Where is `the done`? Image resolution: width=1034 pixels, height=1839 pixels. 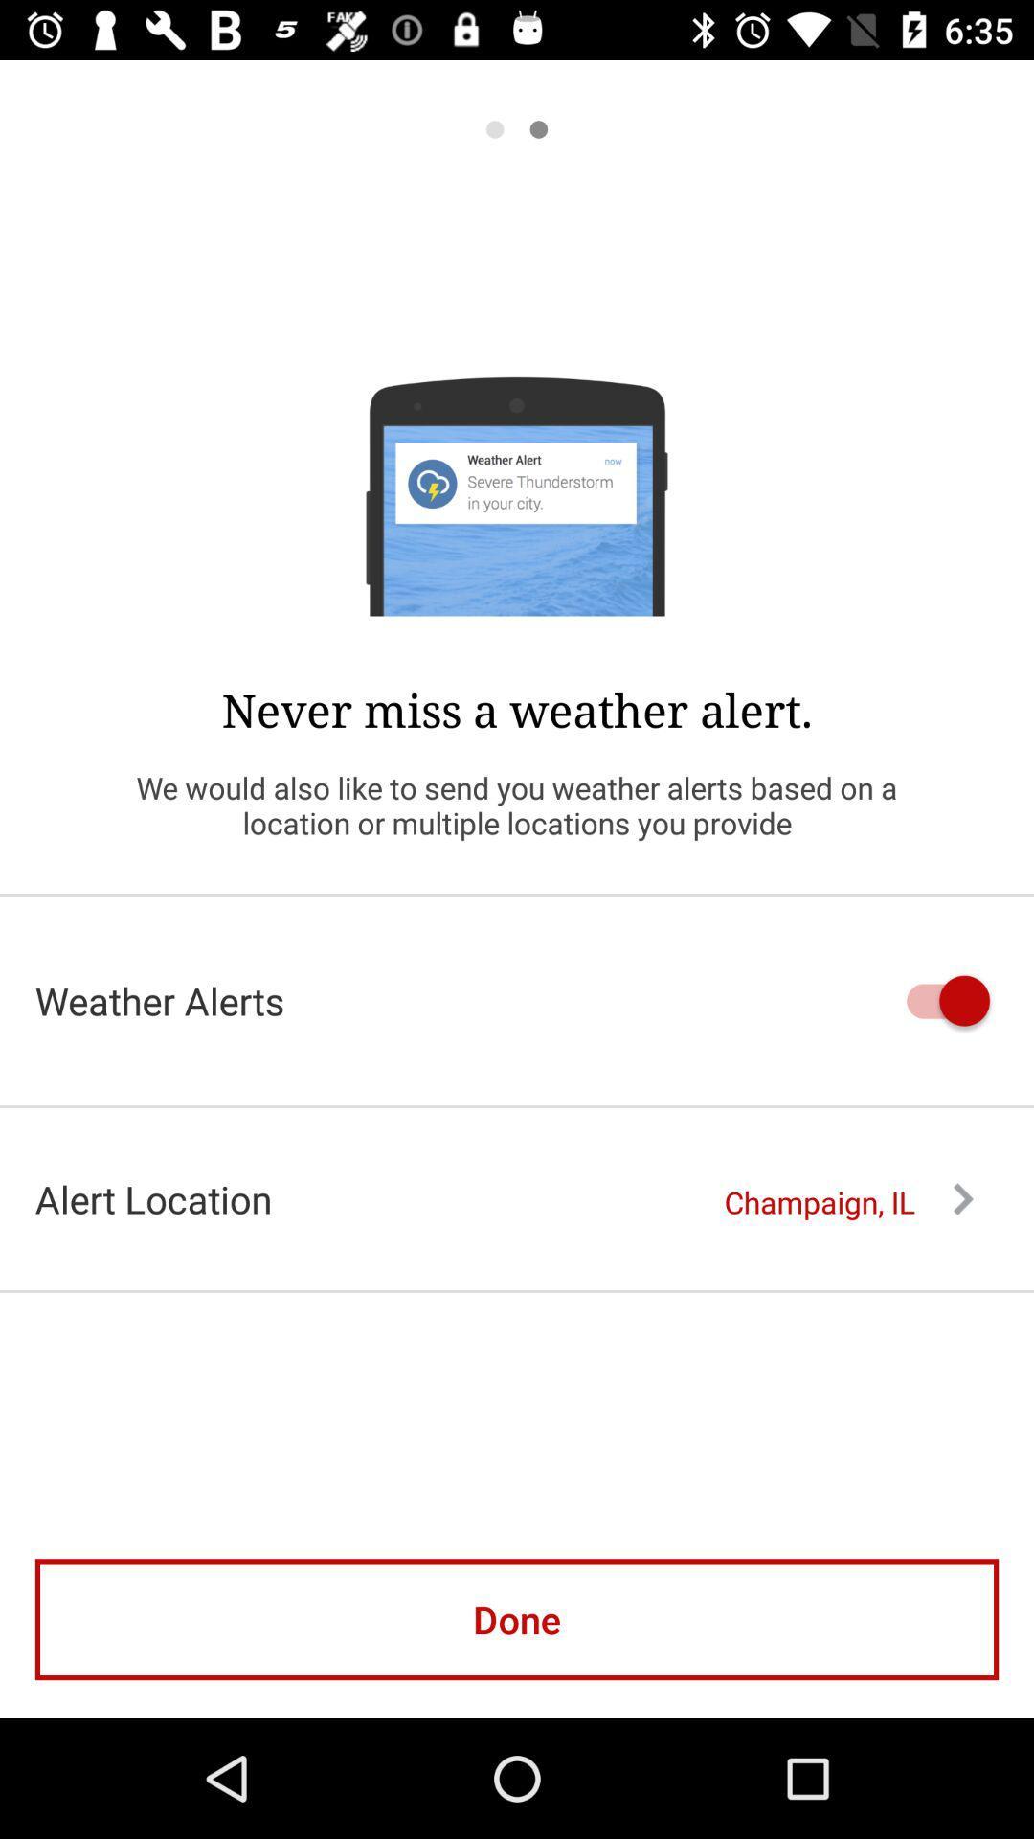
the done is located at coordinates (517, 1619).